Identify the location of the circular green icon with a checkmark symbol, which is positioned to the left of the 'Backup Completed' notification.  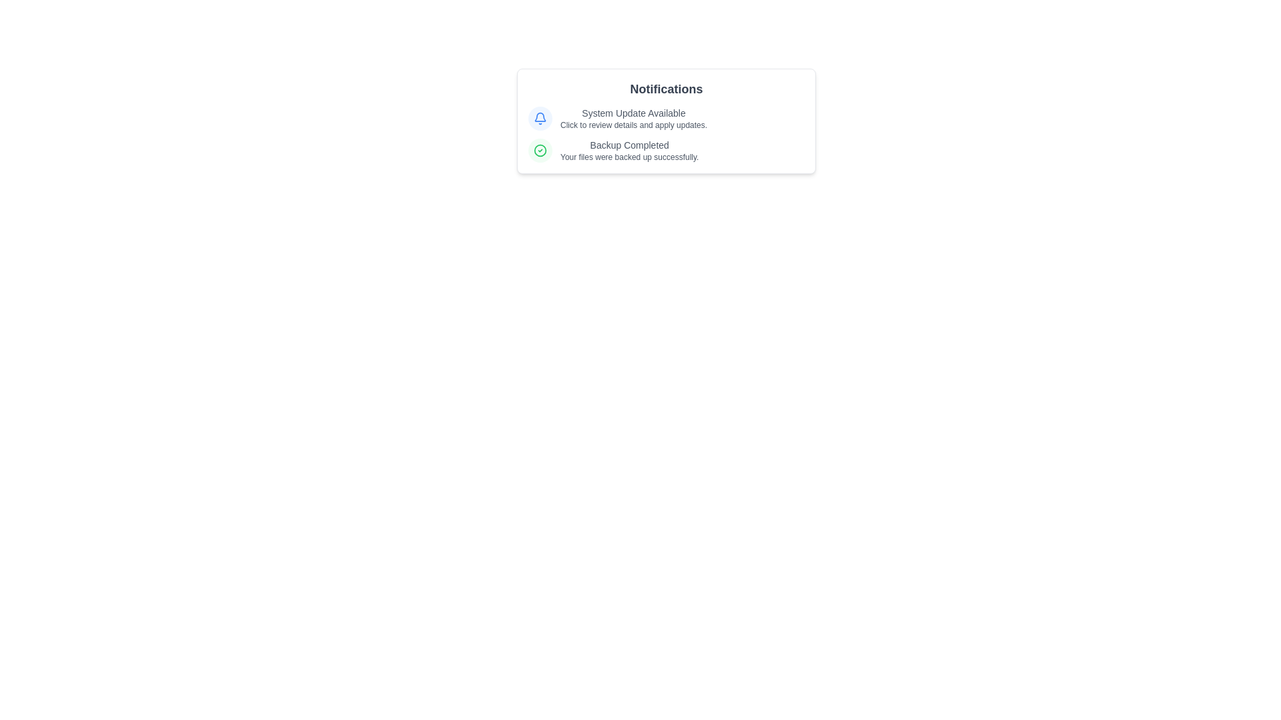
(540, 150).